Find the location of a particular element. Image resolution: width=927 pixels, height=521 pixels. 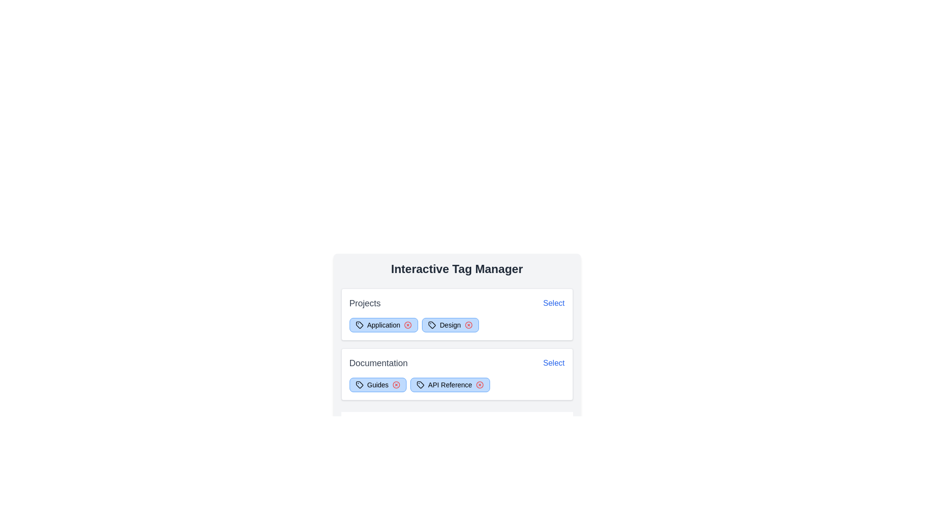

the circle icon representing the interactive button for removing the 'Application' tag from the 'Projects' section, which is located to the right of the text 'Application' is located at coordinates (407, 325).